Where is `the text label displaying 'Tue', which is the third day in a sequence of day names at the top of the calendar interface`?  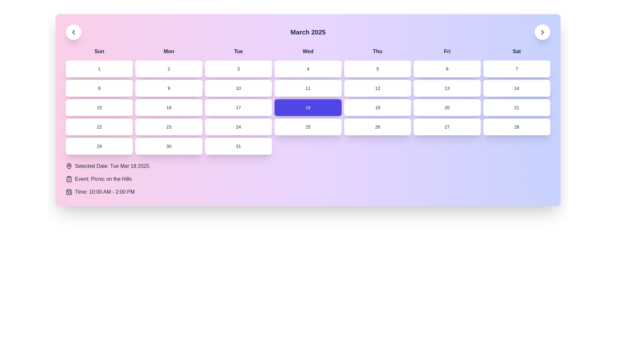
the text label displaying 'Tue', which is the third day in a sequence of day names at the top of the calendar interface is located at coordinates (238, 51).